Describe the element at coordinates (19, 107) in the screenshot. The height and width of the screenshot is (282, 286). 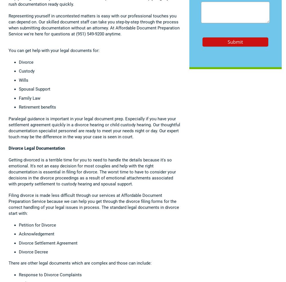
I see `'Retirement benefits'` at that location.